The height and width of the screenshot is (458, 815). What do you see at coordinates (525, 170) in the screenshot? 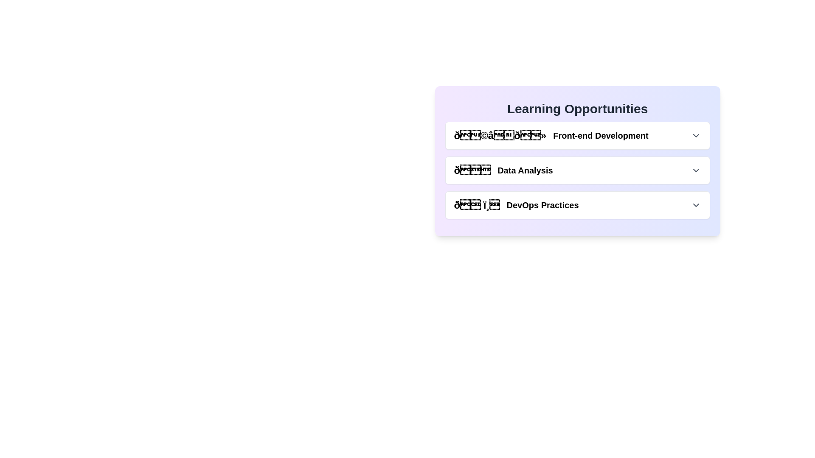
I see `the 'Data Analysis' text label within the 'Learning Opportunities' card` at bounding box center [525, 170].